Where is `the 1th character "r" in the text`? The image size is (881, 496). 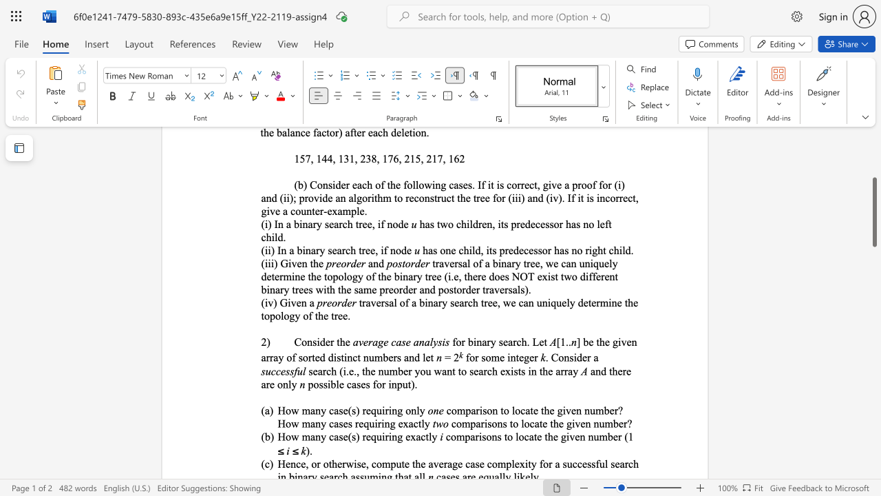 the 1th character "r" in the text is located at coordinates (463, 341).